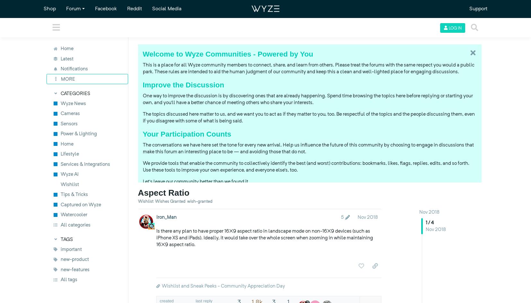 The image size is (531, 303). I want to click on 'All categories', so click(75, 224).